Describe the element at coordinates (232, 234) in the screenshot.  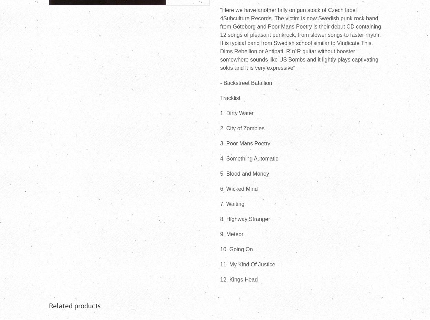
I see `'9. Meteor'` at that location.